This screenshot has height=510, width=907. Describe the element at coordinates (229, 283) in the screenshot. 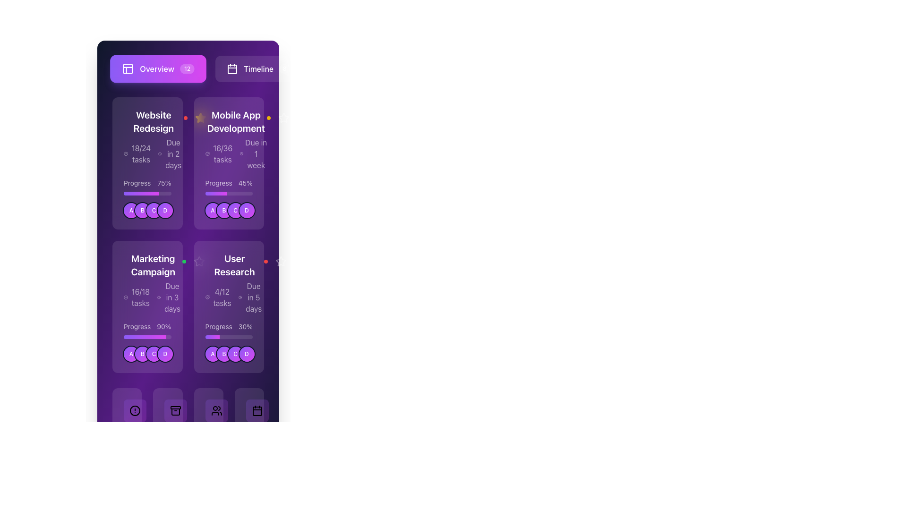

I see `the 'User Research' card located in the third column of the second row of the grid layout to reveal more options` at that location.